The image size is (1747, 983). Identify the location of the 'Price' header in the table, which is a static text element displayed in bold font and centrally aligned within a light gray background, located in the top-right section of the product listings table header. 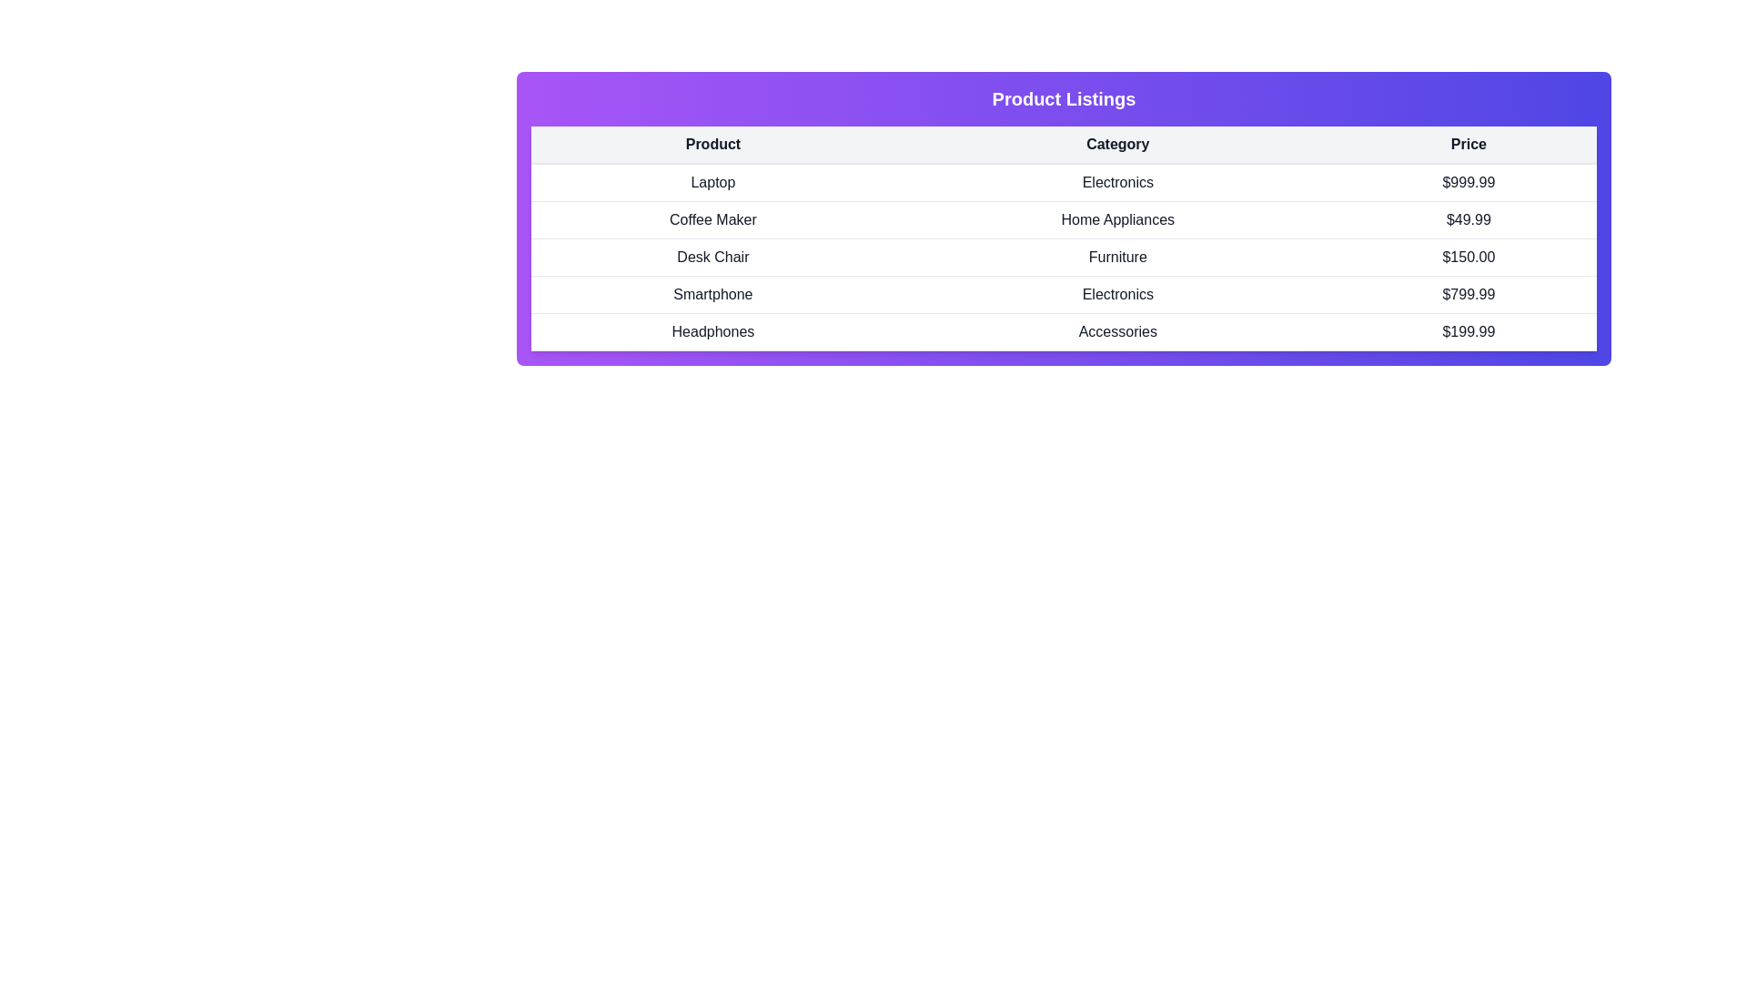
(1469, 144).